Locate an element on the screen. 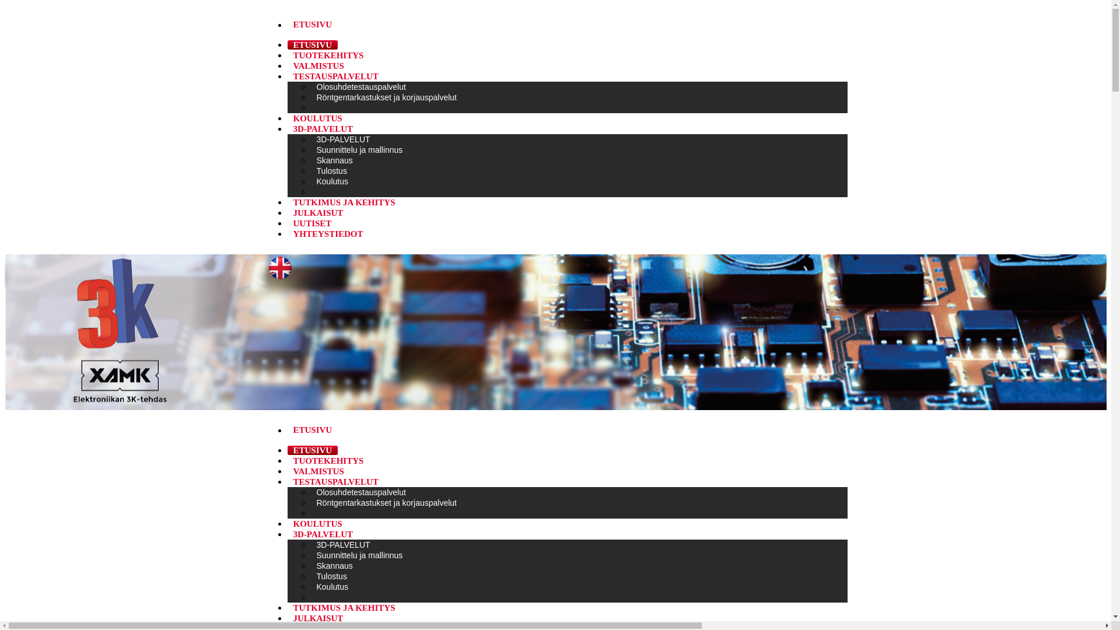  'Koulutus' is located at coordinates (331, 181).